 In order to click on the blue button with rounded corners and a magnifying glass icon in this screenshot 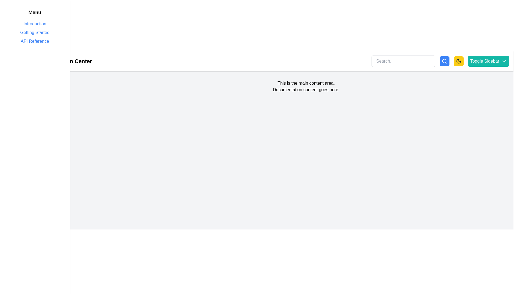, I will do `click(445, 61)`.